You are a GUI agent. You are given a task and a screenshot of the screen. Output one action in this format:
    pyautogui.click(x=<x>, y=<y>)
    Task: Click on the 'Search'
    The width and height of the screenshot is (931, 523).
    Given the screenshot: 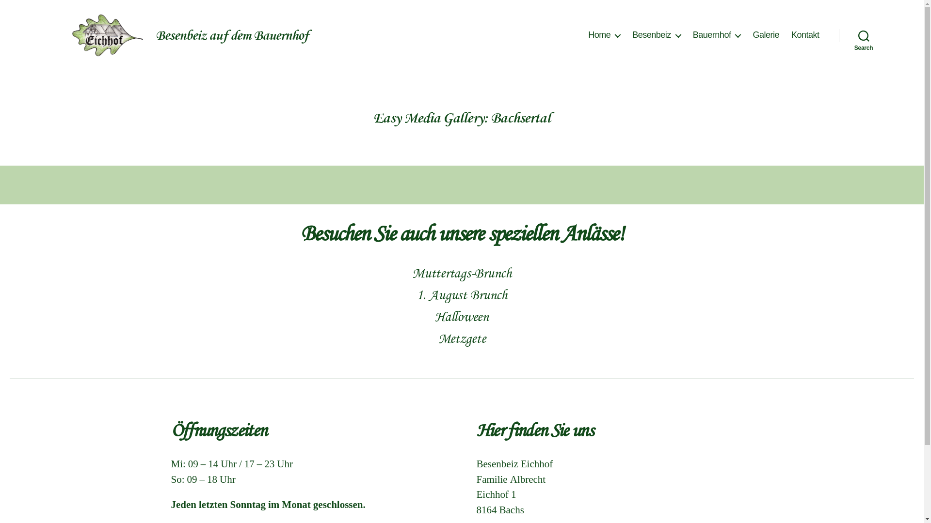 What is the action you would take?
    pyautogui.click(x=864, y=35)
    